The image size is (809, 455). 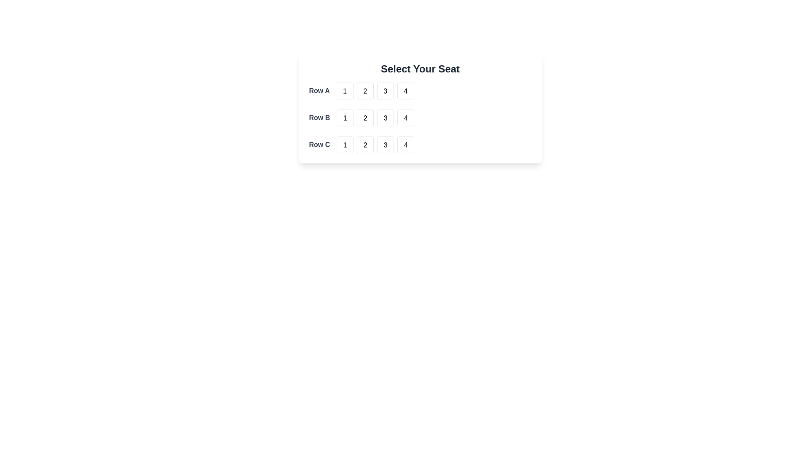 I want to click on the button labeled '3' in Row A, so click(x=385, y=91).